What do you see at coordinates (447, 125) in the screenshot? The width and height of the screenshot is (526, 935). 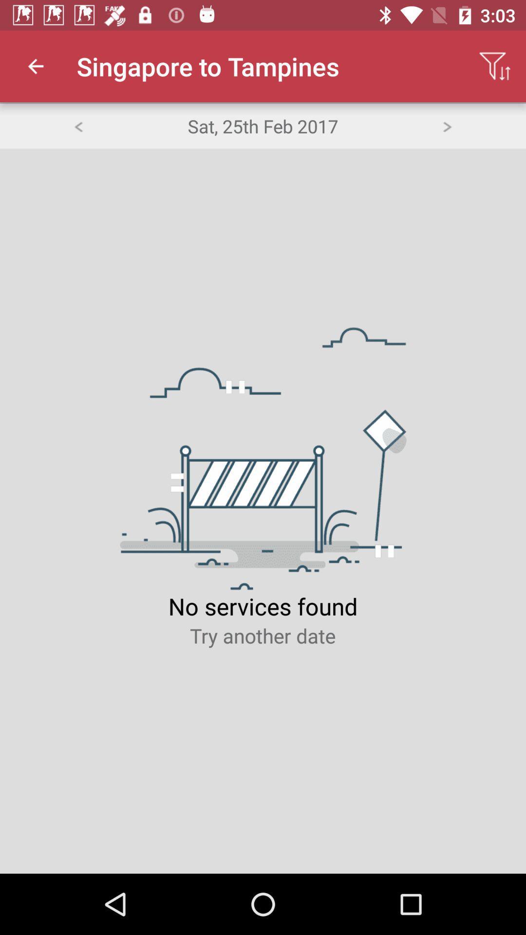 I see `go forward` at bounding box center [447, 125].